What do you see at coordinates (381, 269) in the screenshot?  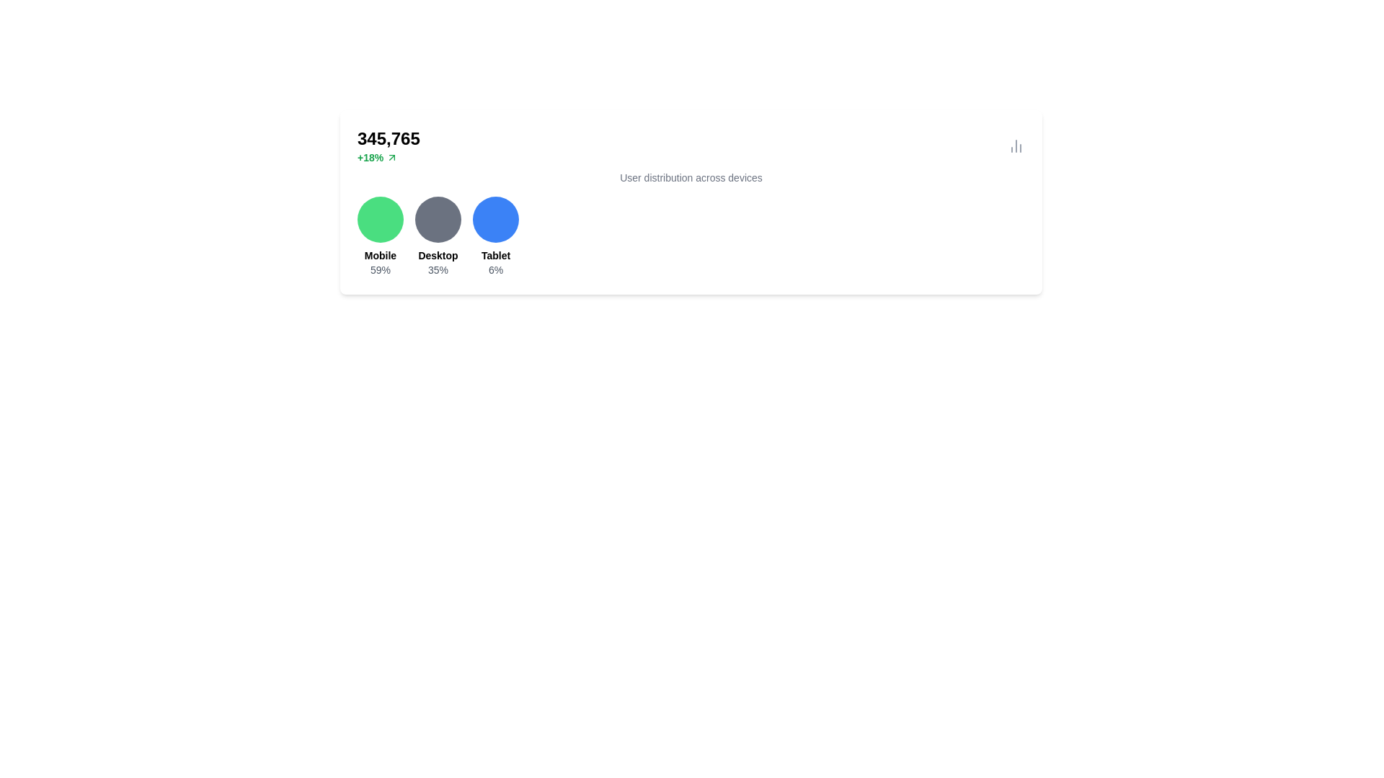 I see `the text label displaying '59%' in a smaller gray font, which is positioned below the 'Mobile' label and centrally aligned under a green circular indicator` at bounding box center [381, 269].